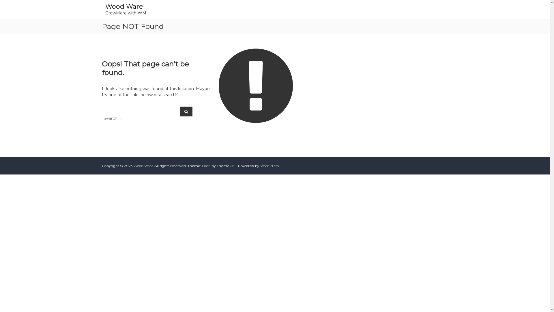 Image resolution: width=554 pixels, height=312 pixels. Describe the element at coordinates (269, 166) in the screenshot. I see `'WordPress'` at that location.